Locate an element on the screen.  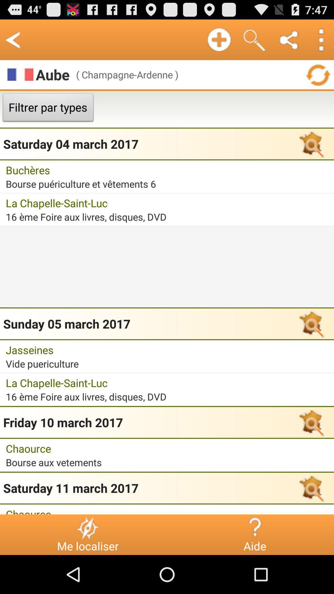
the button which is right to sunday 05 march 2017 is located at coordinates (310, 323).